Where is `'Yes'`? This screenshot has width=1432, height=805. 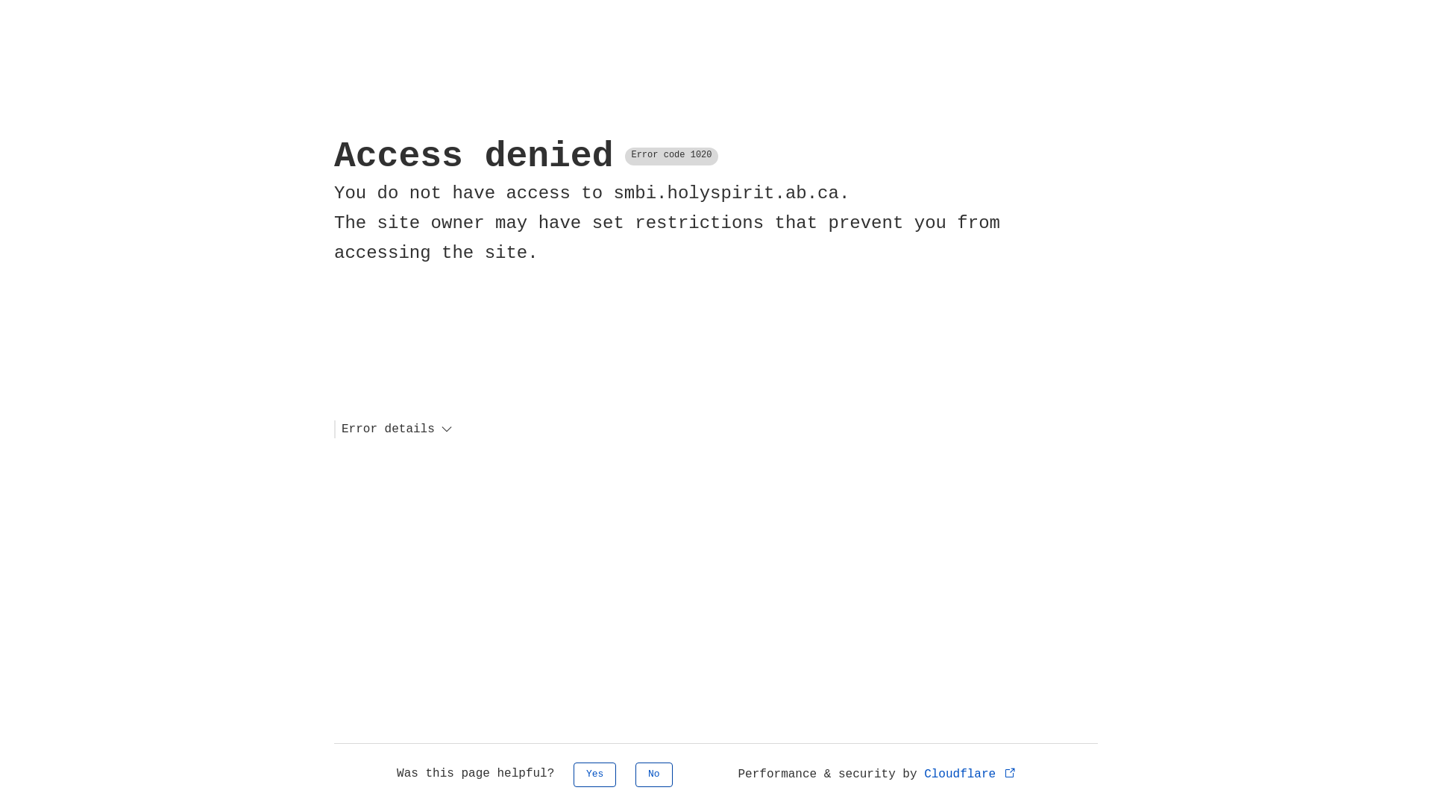
'Yes' is located at coordinates (594, 774).